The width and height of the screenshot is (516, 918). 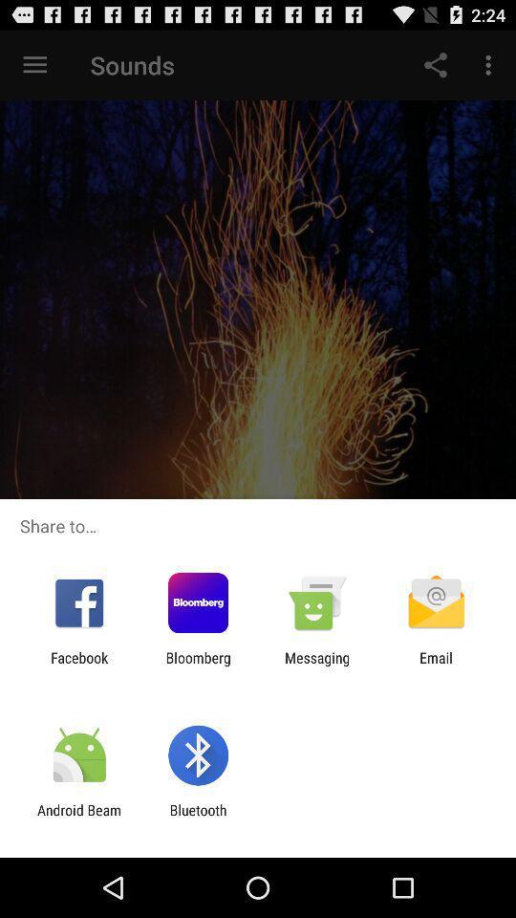 What do you see at coordinates (436, 666) in the screenshot?
I see `email icon` at bounding box center [436, 666].